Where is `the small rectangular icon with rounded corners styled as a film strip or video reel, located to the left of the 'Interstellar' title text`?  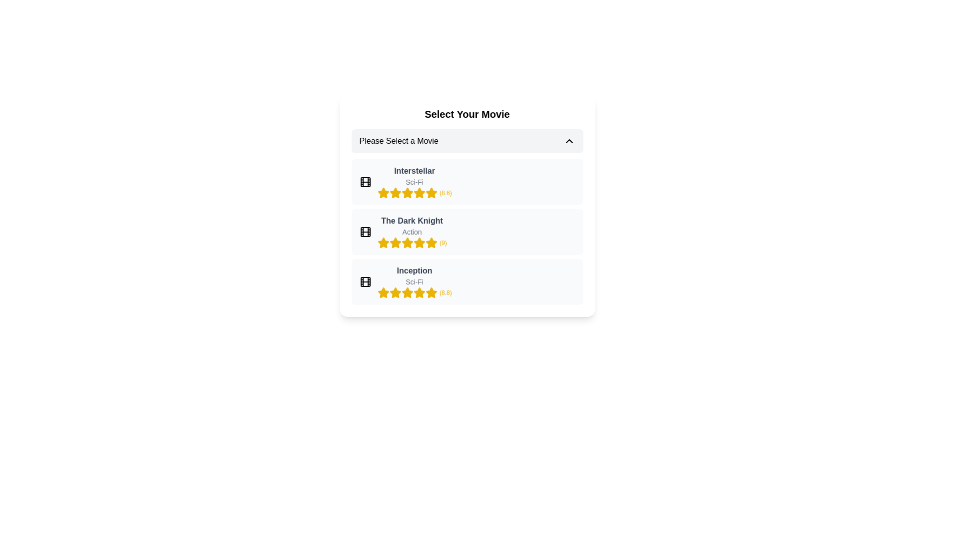
the small rectangular icon with rounded corners styled as a film strip or video reel, located to the left of the 'Interstellar' title text is located at coordinates (365, 182).